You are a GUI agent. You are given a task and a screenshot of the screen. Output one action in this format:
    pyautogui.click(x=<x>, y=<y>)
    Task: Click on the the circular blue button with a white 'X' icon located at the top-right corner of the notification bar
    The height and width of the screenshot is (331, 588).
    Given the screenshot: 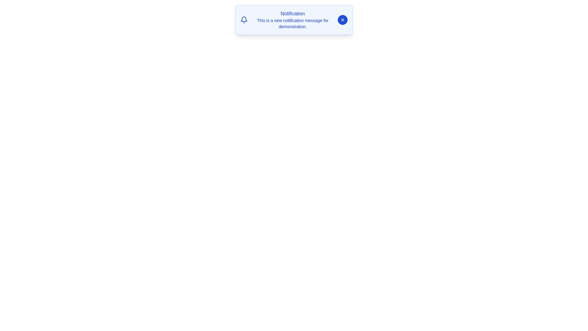 What is the action you would take?
    pyautogui.click(x=342, y=20)
    